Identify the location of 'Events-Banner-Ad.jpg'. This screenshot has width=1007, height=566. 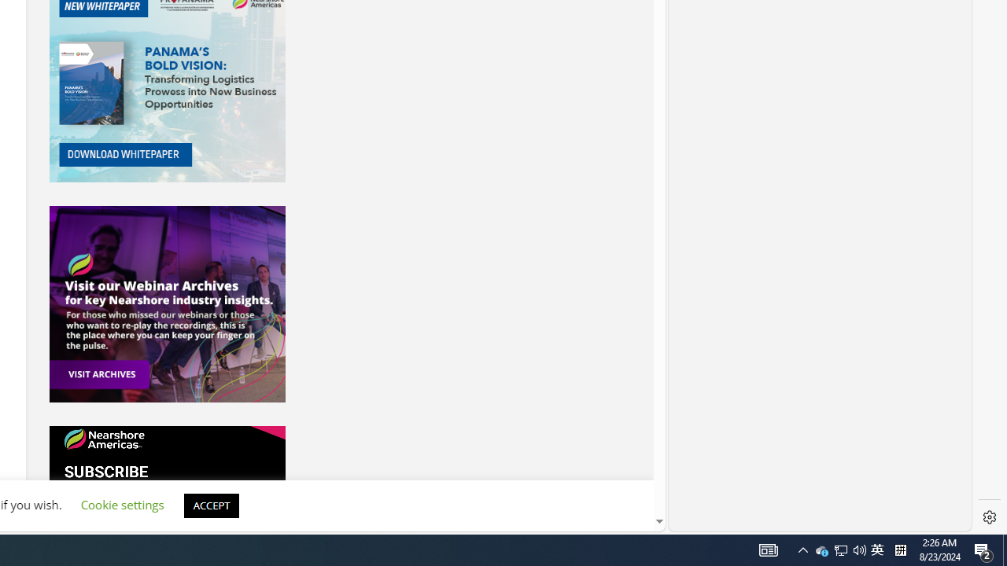
(167, 304).